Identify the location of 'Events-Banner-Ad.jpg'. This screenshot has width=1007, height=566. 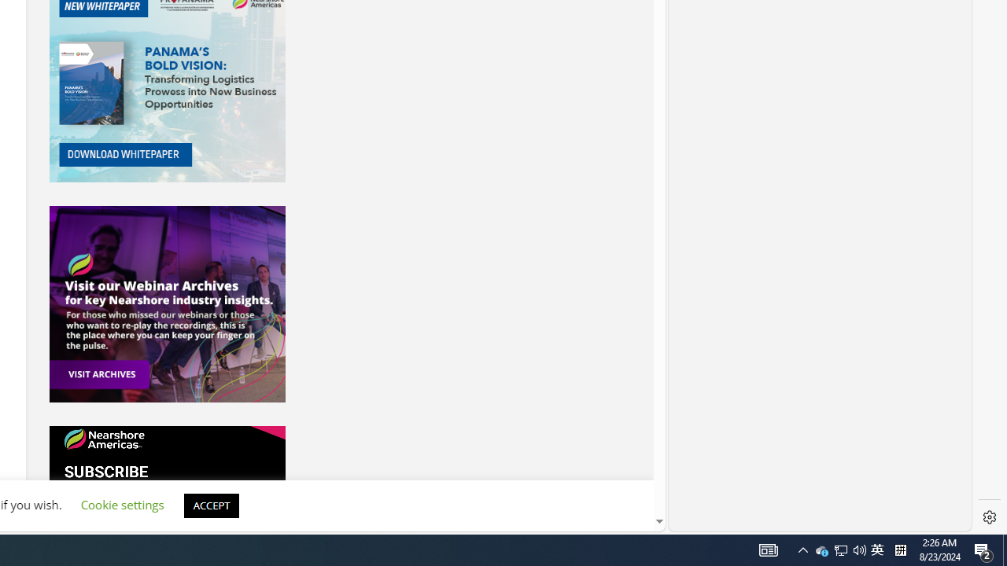
(167, 304).